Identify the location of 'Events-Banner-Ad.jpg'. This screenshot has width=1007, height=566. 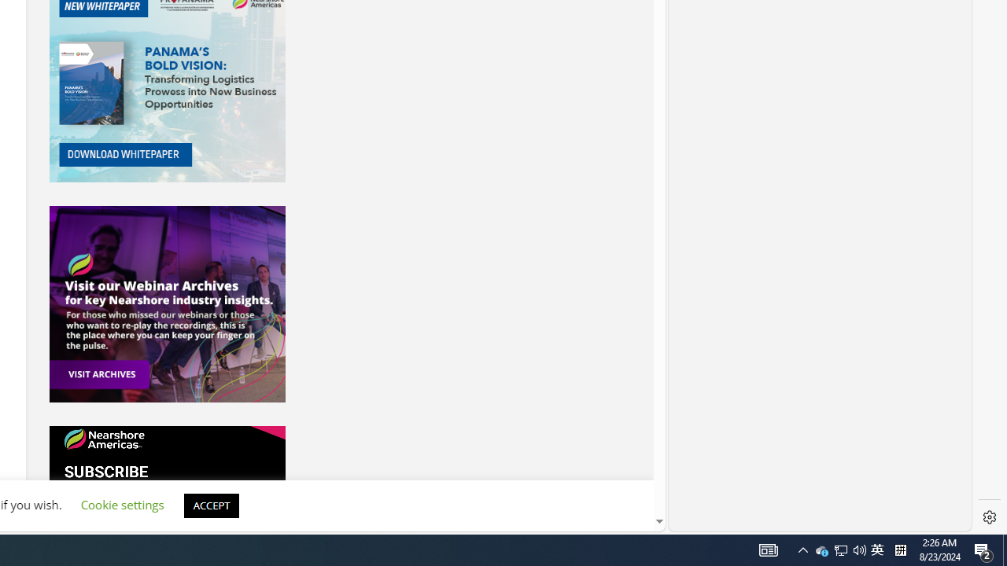
(167, 304).